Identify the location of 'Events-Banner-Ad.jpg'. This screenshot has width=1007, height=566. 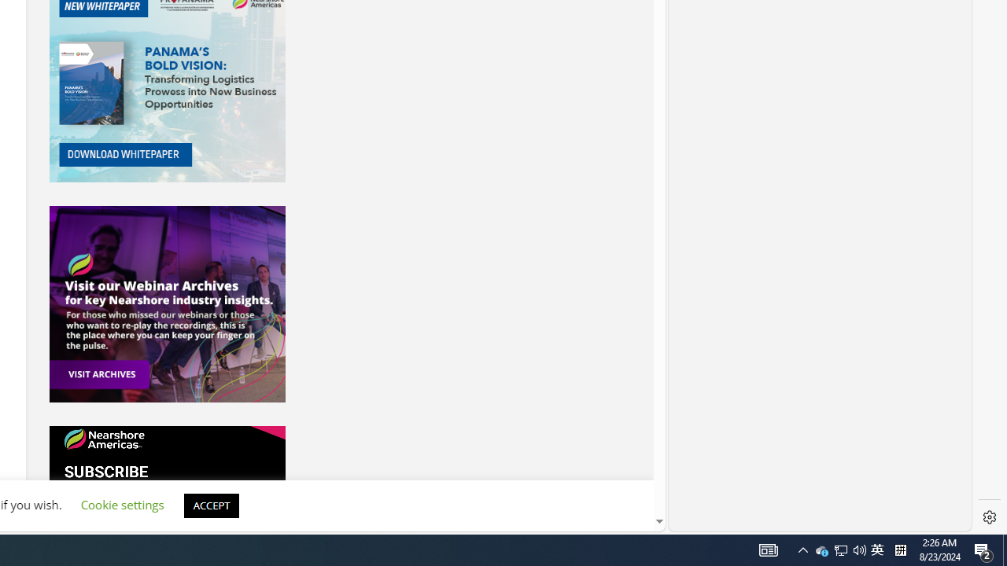
(167, 304).